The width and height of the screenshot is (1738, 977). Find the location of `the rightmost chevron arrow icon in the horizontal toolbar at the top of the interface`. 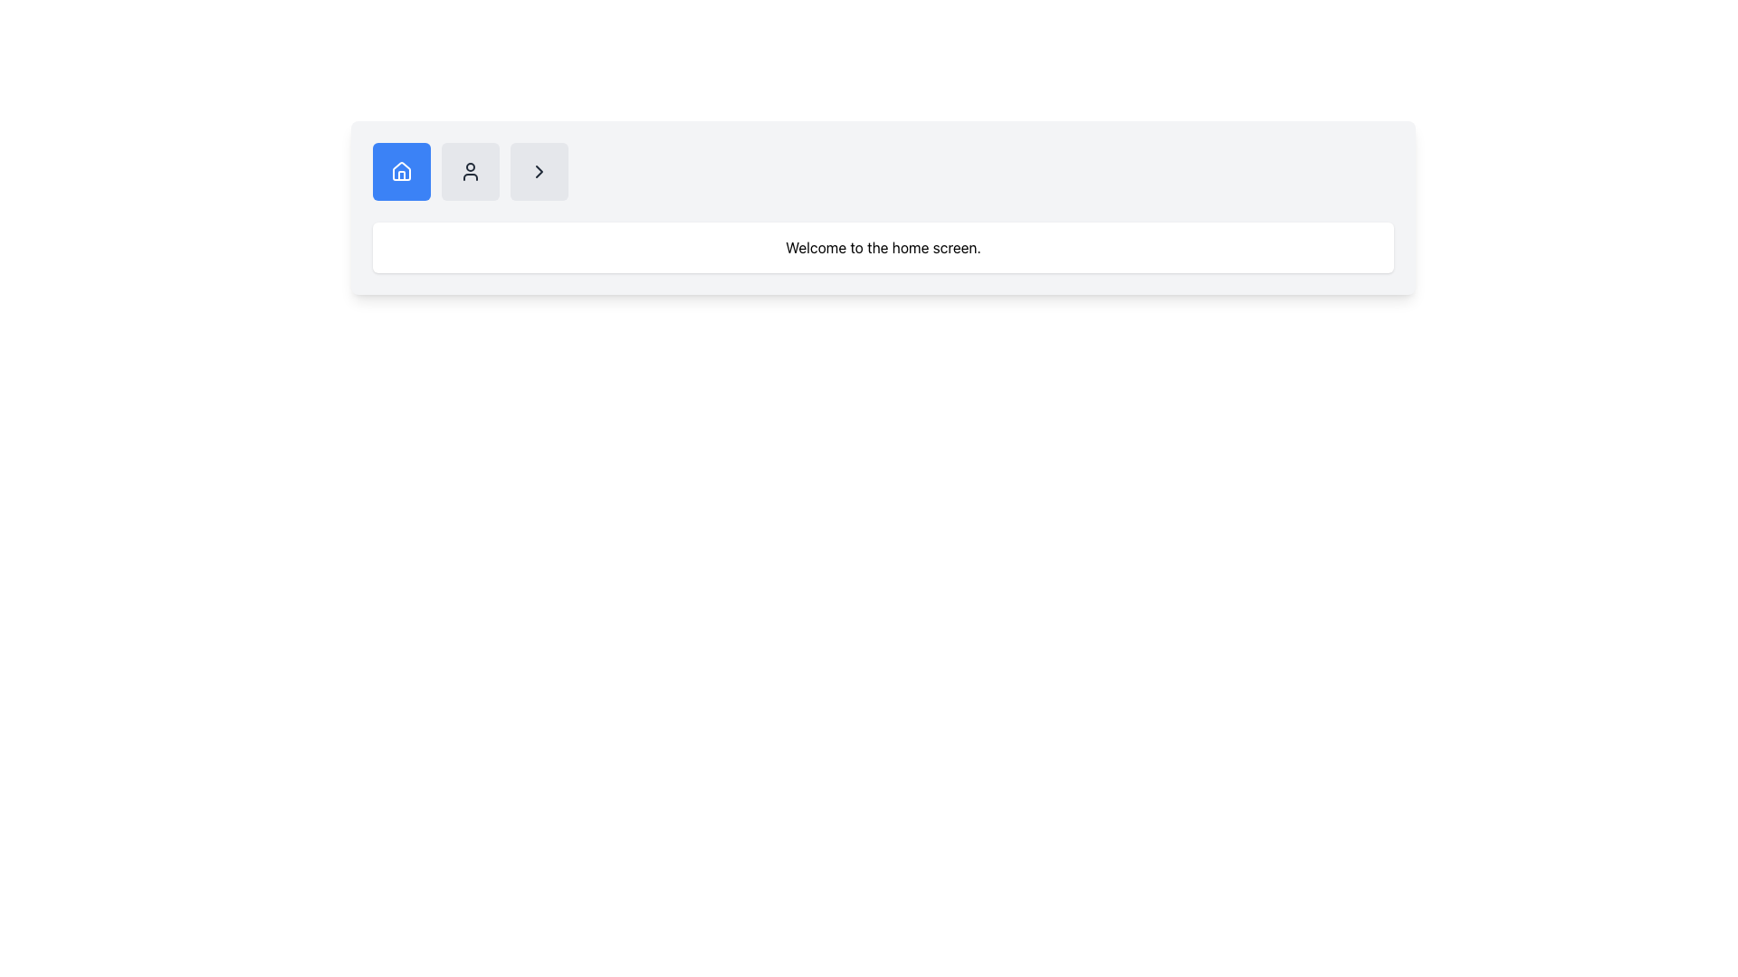

the rightmost chevron arrow icon in the horizontal toolbar at the top of the interface is located at coordinates (538, 171).